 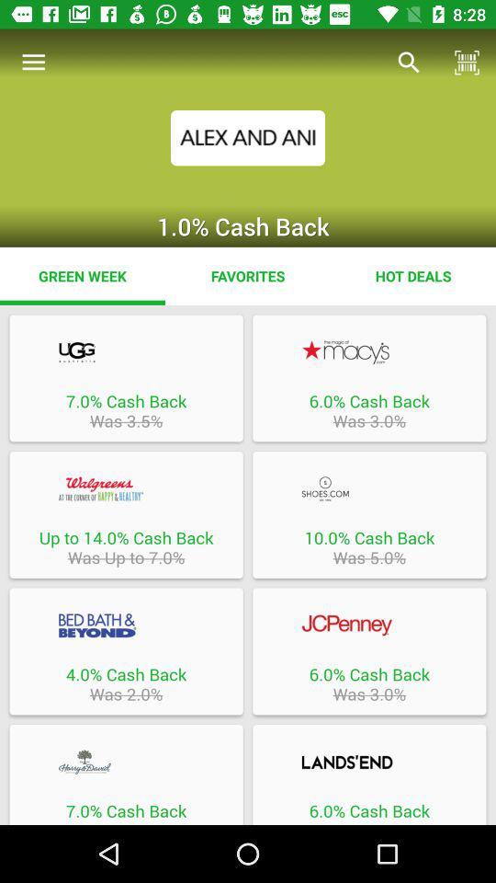 I want to click on choose the desired shop, so click(x=125, y=487).